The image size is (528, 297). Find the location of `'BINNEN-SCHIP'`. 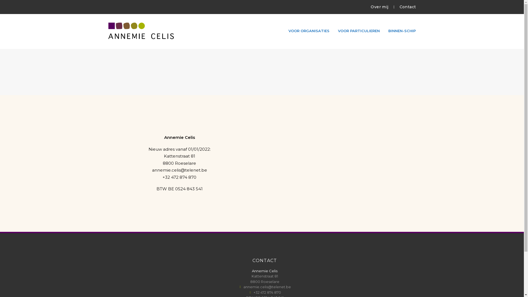

'BINNEN-SCHIP' is located at coordinates (402, 31).